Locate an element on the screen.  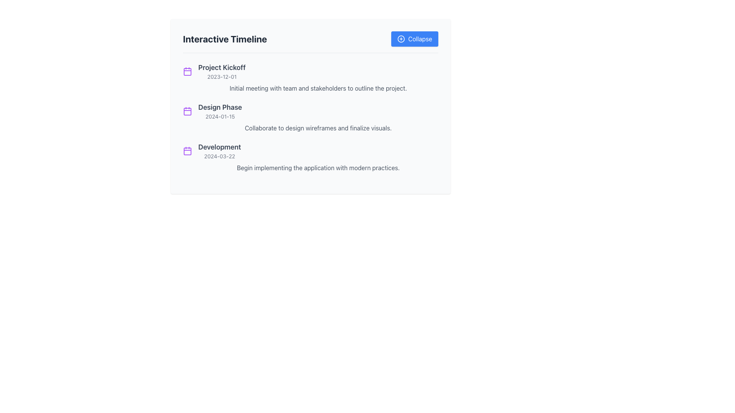
the 'Development' text element in the 'Interactive Timeline' section using adjacent controls to navigate through the timeline is located at coordinates (219, 151).